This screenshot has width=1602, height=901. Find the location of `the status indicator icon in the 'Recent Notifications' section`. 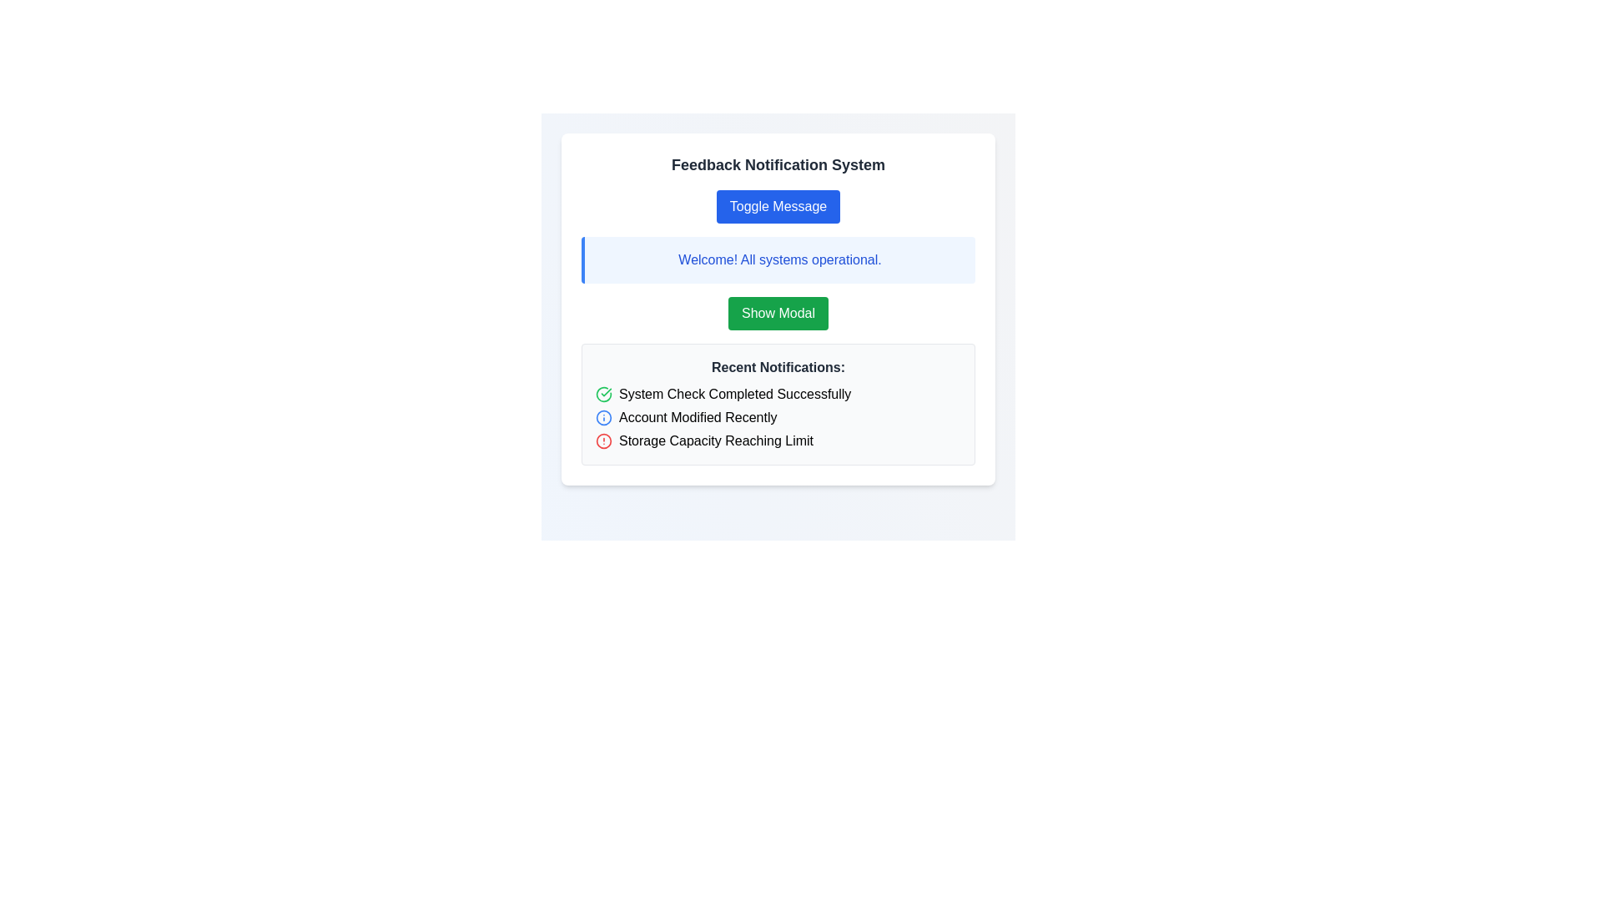

the status indicator icon in the 'Recent Notifications' section is located at coordinates (603, 395).